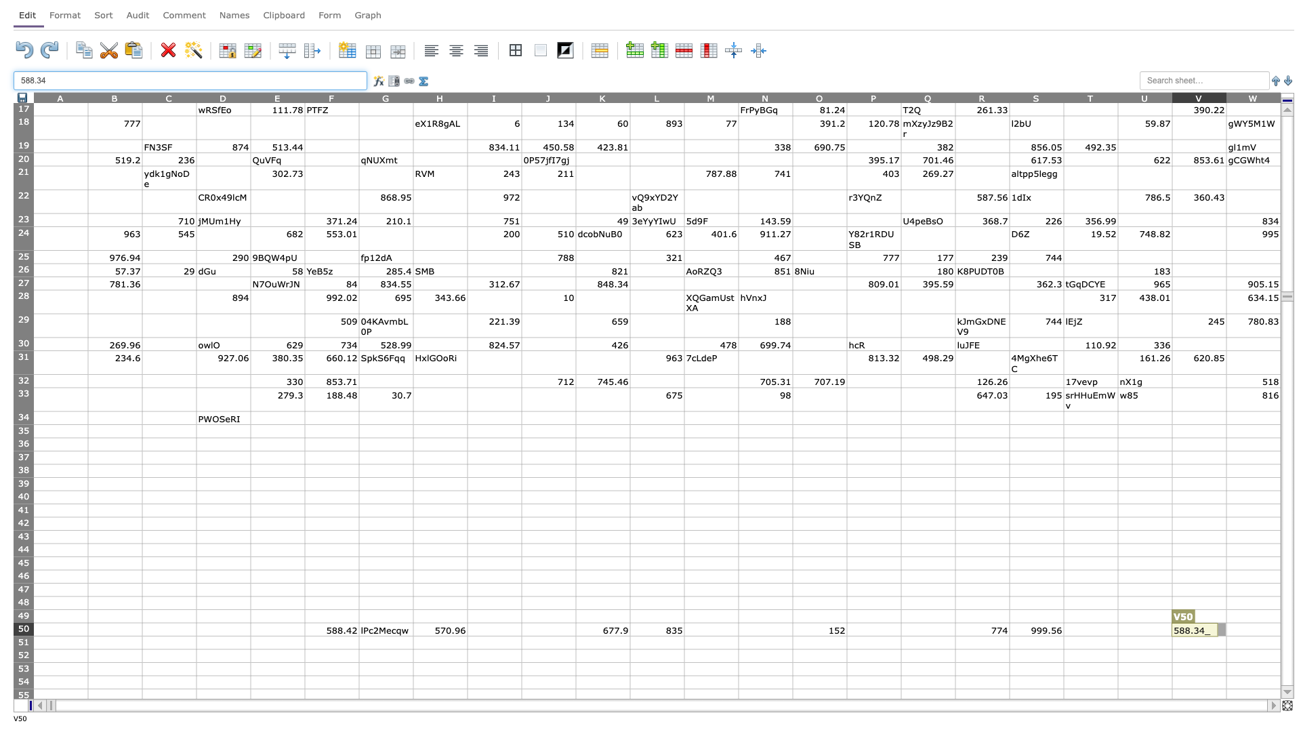  What do you see at coordinates (1226, 622) in the screenshot?
I see `top left at column W row 50` at bounding box center [1226, 622].